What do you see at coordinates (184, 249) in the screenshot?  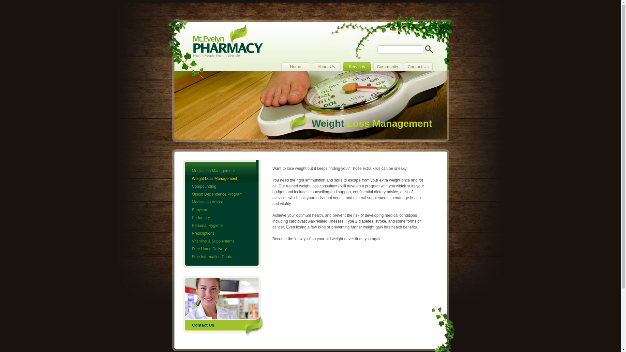 I see `'Free Home Delivery'` at bounding box center [184, 249].